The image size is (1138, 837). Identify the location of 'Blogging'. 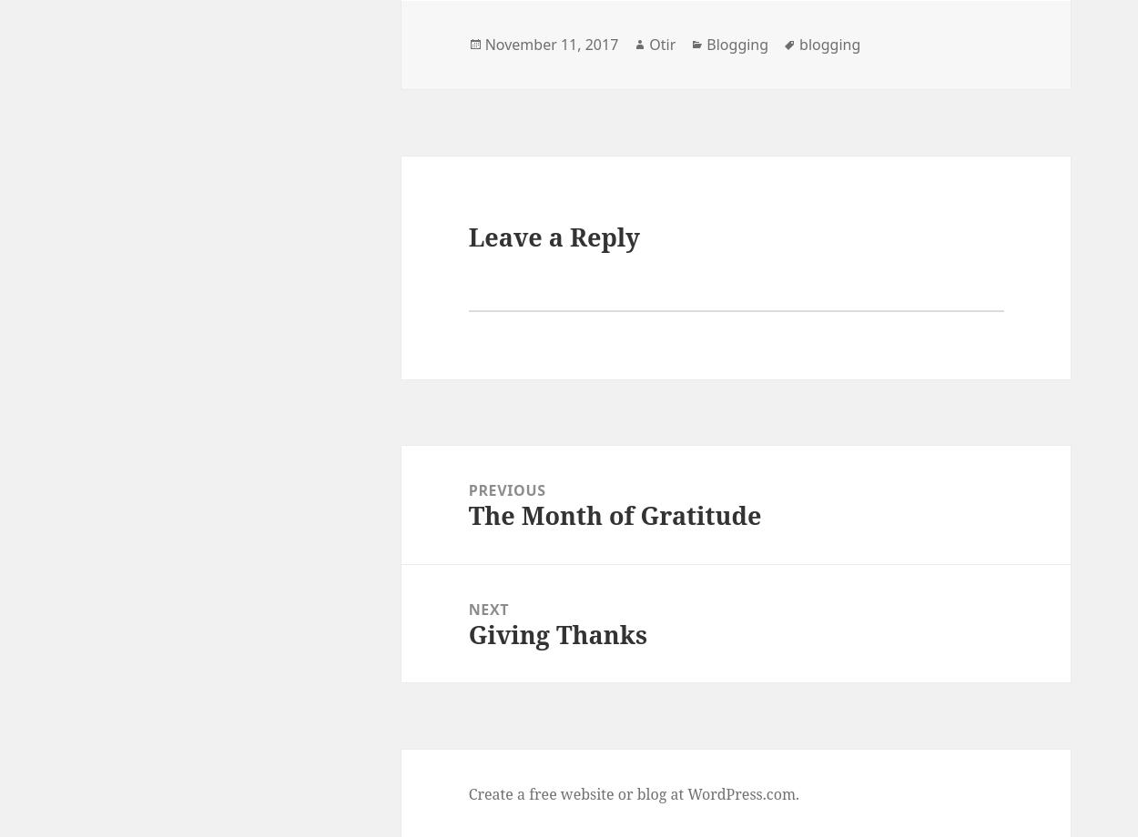
(737, 45).